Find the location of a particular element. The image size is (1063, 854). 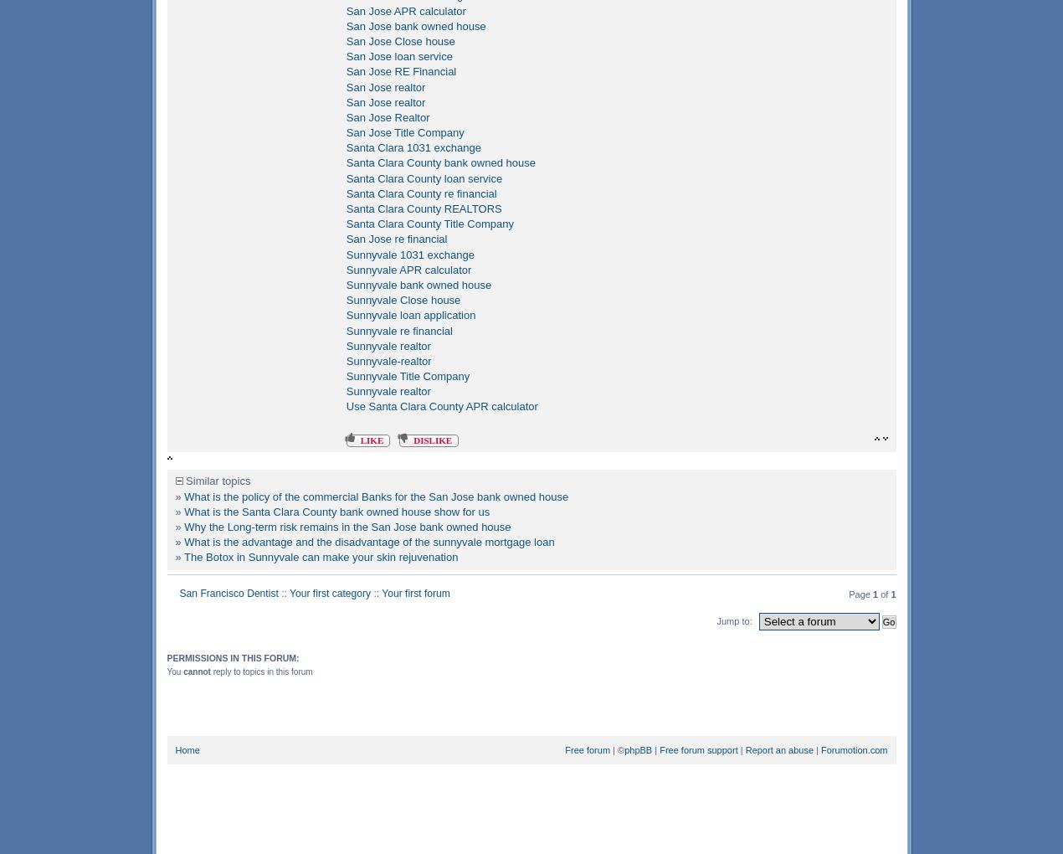

'Sunnyvale Title Company' is located at coordinates (408, 375).